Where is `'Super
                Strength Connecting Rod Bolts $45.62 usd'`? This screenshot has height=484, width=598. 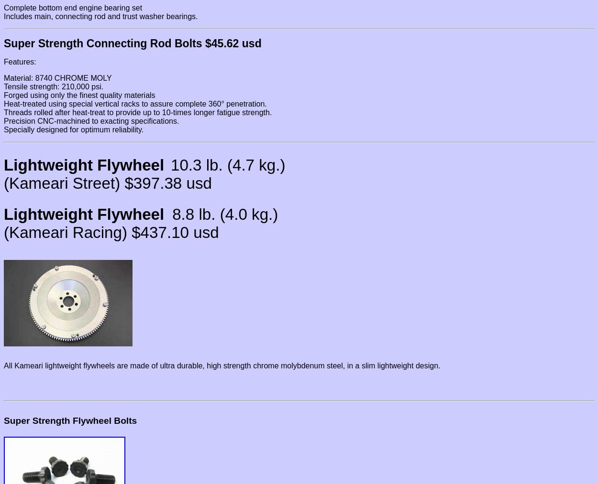 'Super
                Strength Connecting Rod Bolts $45.62 usd' is located at coordinates (133, 43).